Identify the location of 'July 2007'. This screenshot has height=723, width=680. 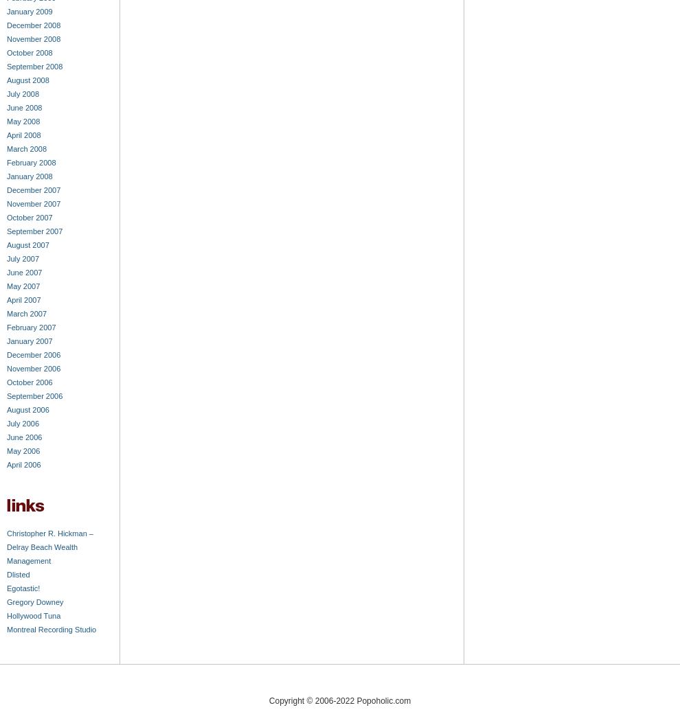
(22, 257).